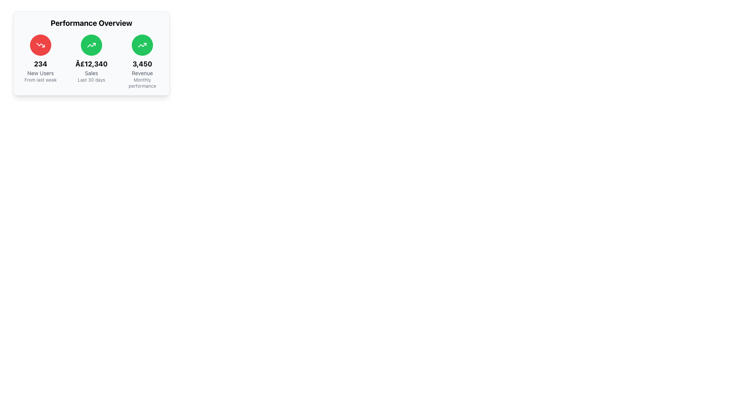 This screenshot has height=410, width=729. I want to click on the Text Label that provides context to the revenue value '3,450', positioned under the 'Revenue' text in the third column, so click(142, 83).